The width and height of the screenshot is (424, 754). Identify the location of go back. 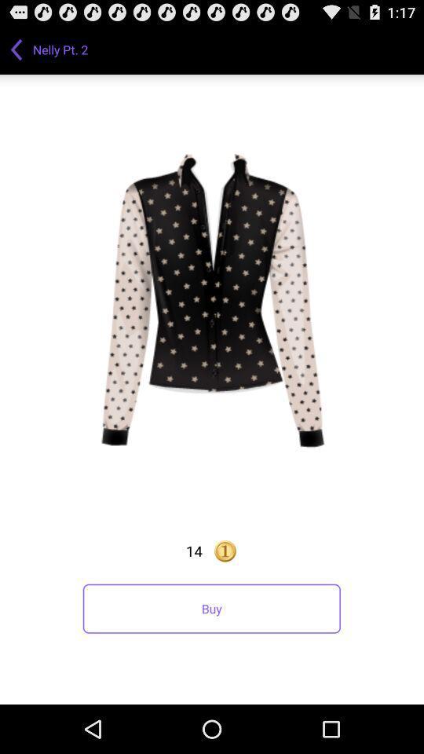
(16, 49).